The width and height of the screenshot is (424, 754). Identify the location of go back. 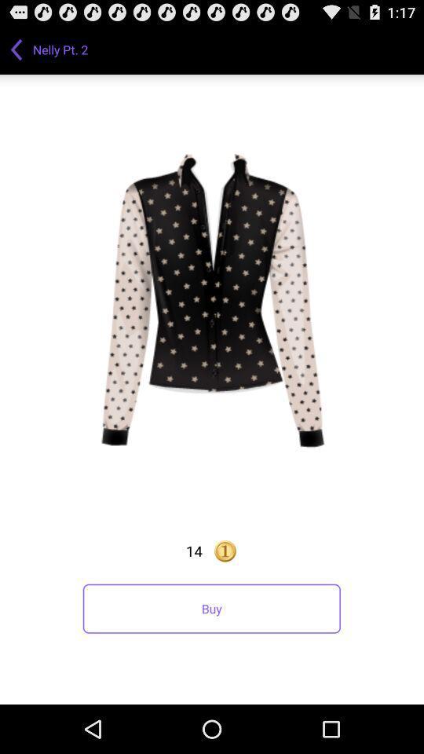
(16, 49).